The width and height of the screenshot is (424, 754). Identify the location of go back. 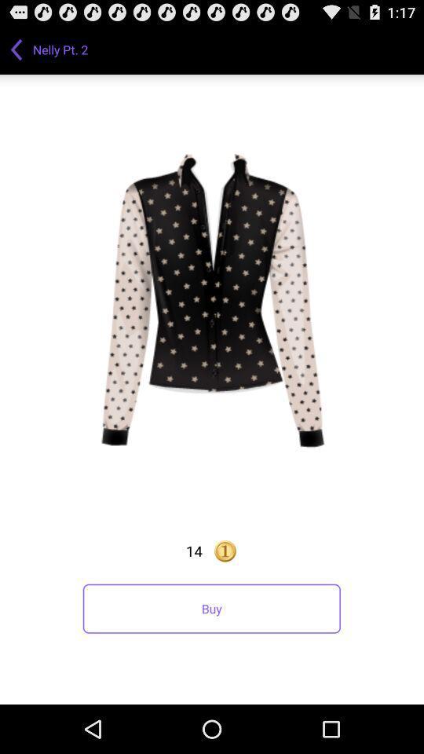
(16, 49).